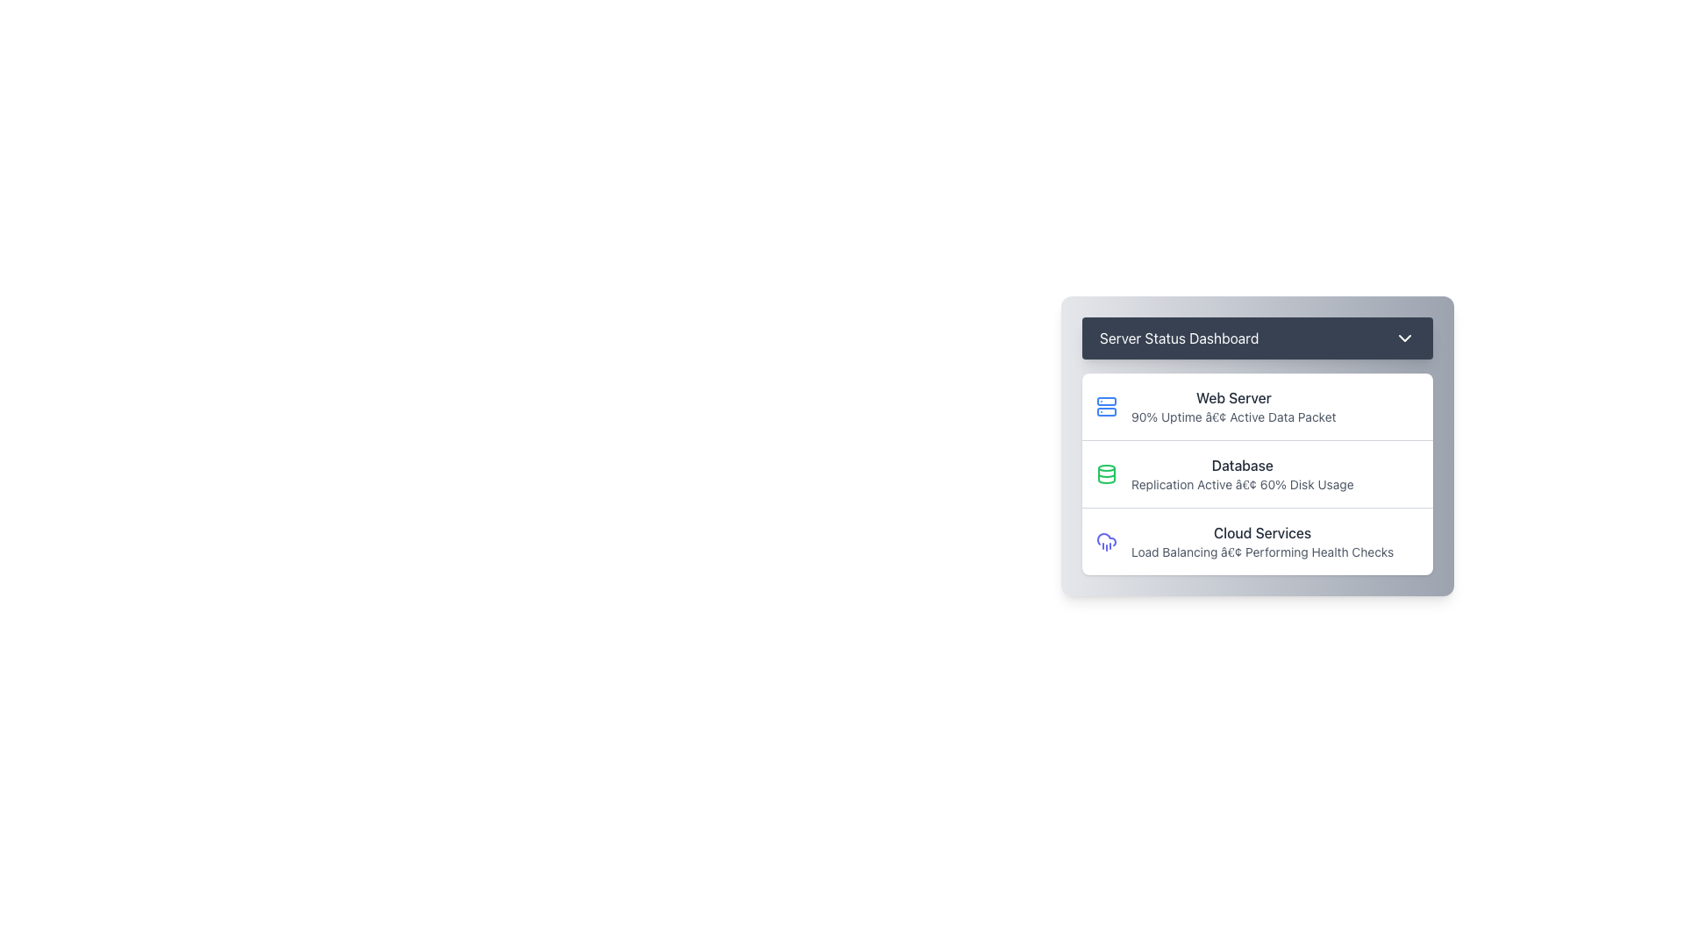 This screenshot has width=1684, height=947. What do you see at coordinates (1257, 445) in the screenshot?
I see `status information displayed on the dashboard panel that summarizes the performance details of various services such as web servers, databases, and cloud services` at bounding box center [1257, 445].